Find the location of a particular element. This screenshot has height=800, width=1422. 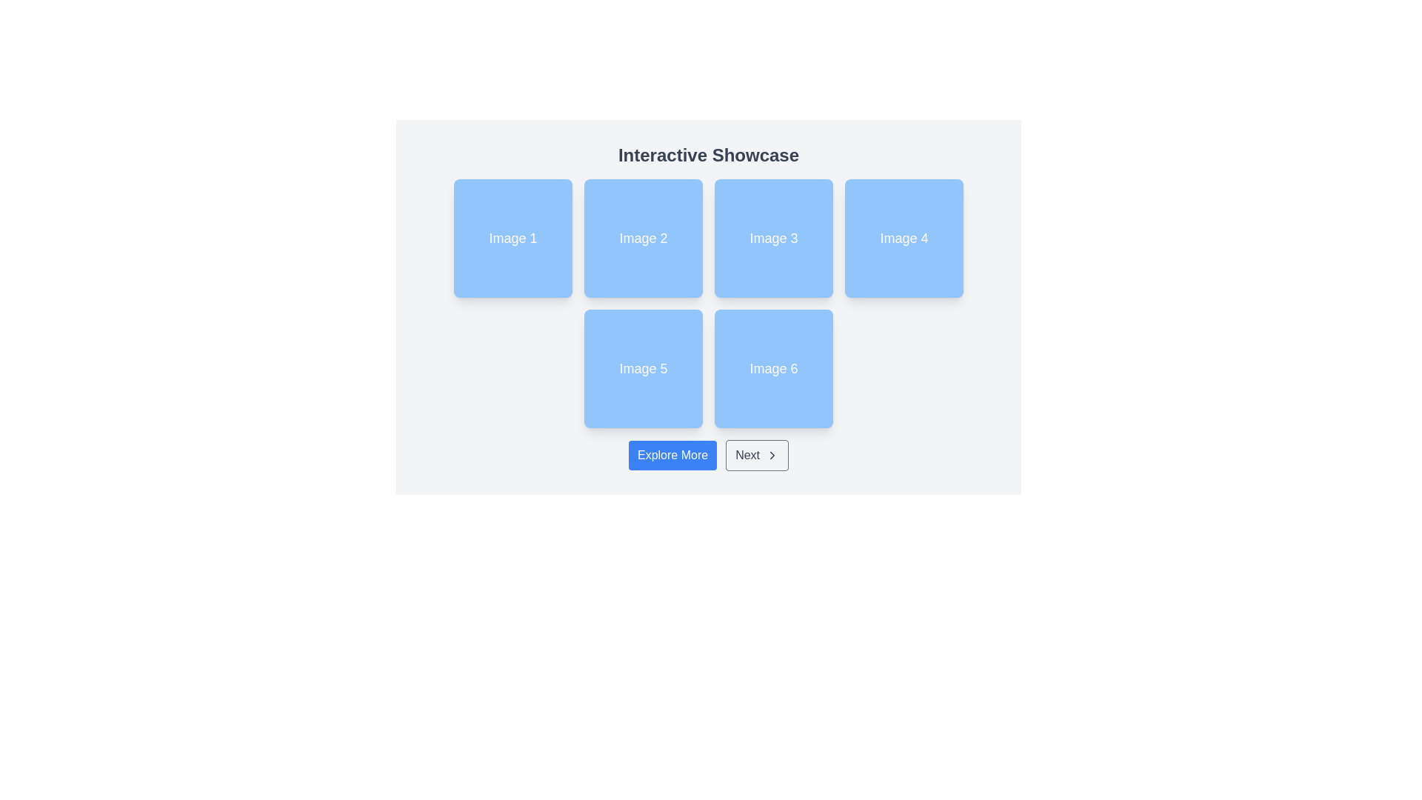

the button-like visual component in the second row and first column of the grid layout, located below 'Image 2' and to the left of 'Image 6' is located at coordinates (643, 367).